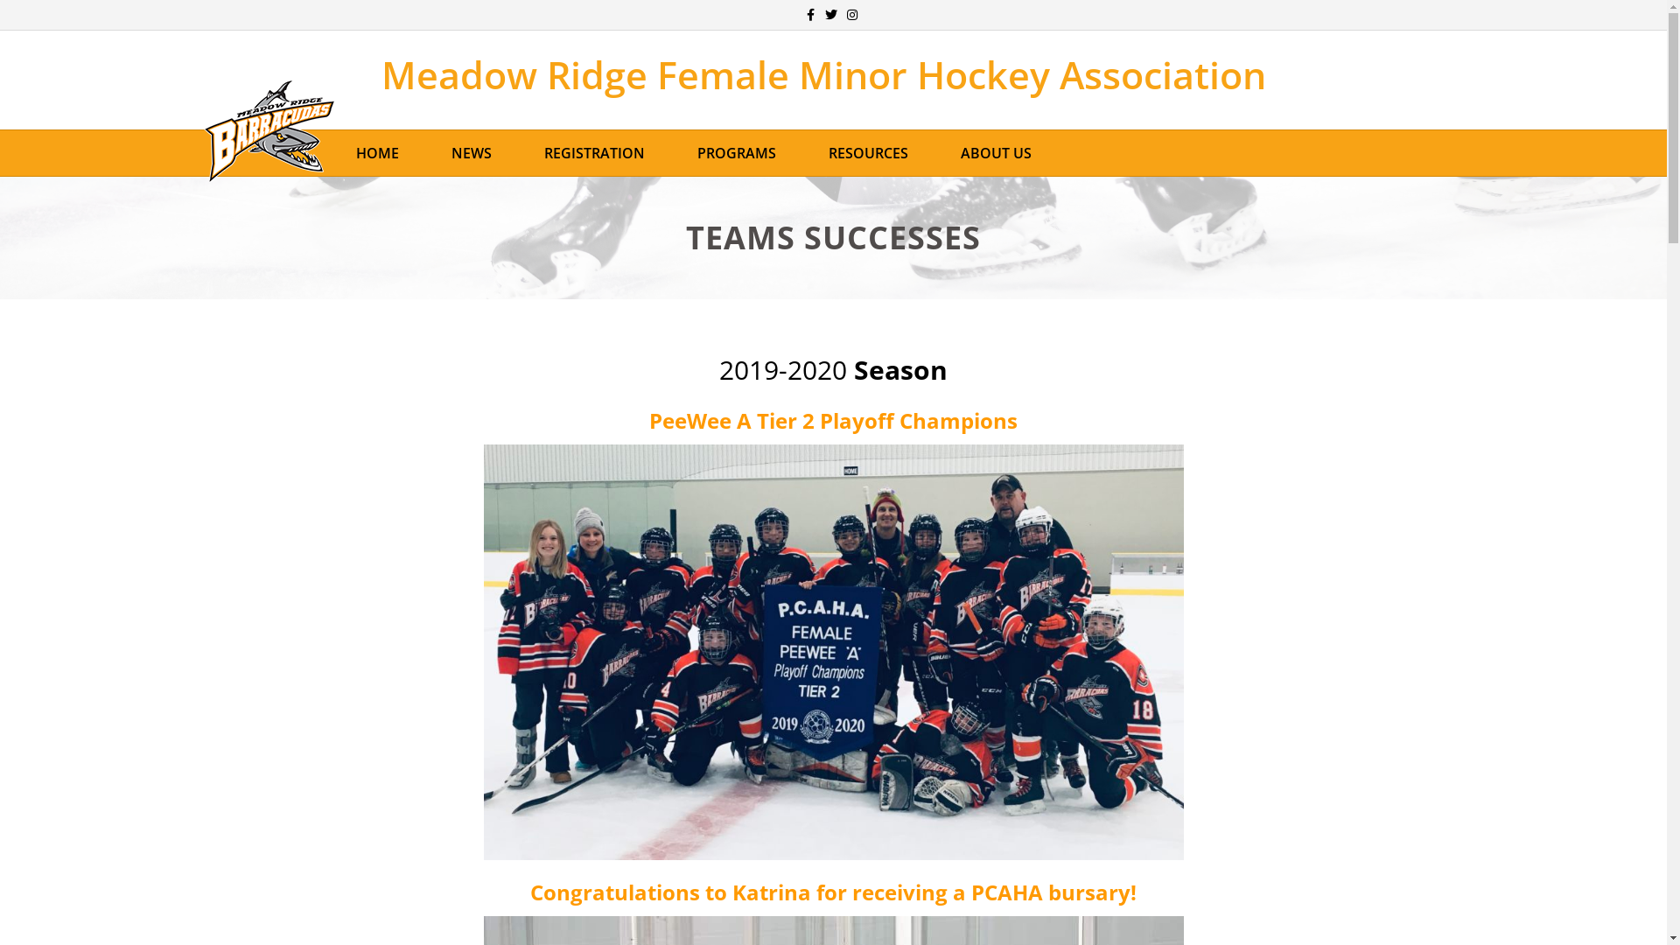 Image resolution: width=1680 pixels, height=945 pixels. Describe the element at coordinates (830, 13) in the screenshot. I see `'Twitter'` at that location.